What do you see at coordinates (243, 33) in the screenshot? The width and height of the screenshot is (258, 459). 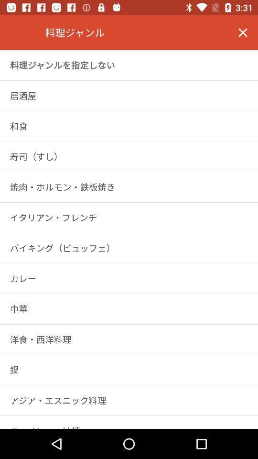 I see `cross button at top right` at bounding box center [243, 33].